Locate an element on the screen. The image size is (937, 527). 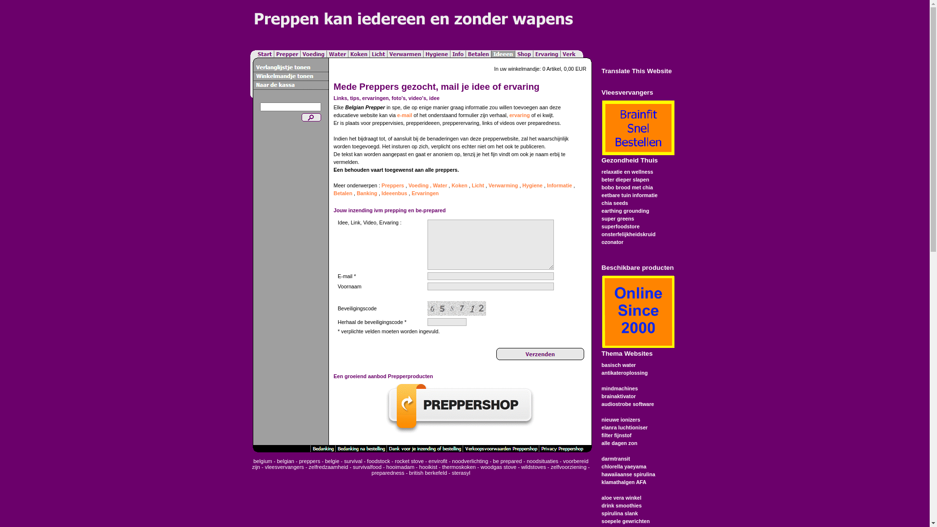
'Verwarming' is located at coordinates (503, 185).